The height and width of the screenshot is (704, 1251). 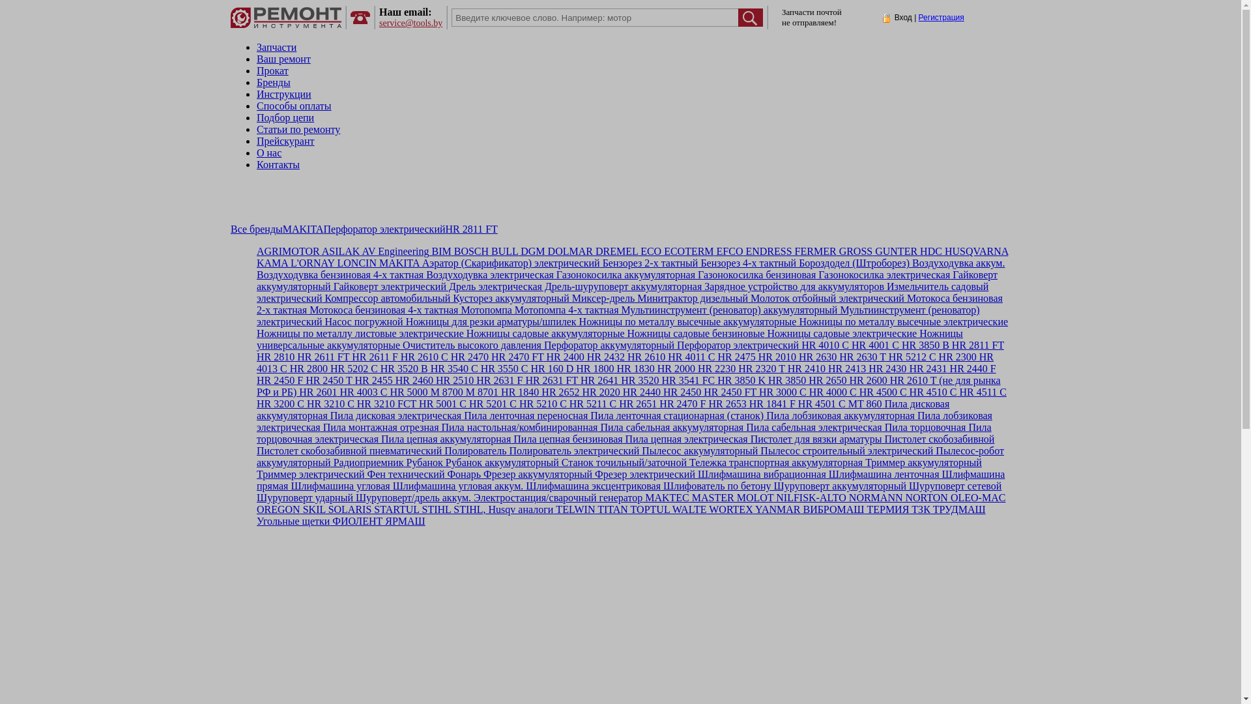 What do you see at coordinates (564, 357) in the screenshot?
I see `'HR 2400'` at bounding box center [564, 357].